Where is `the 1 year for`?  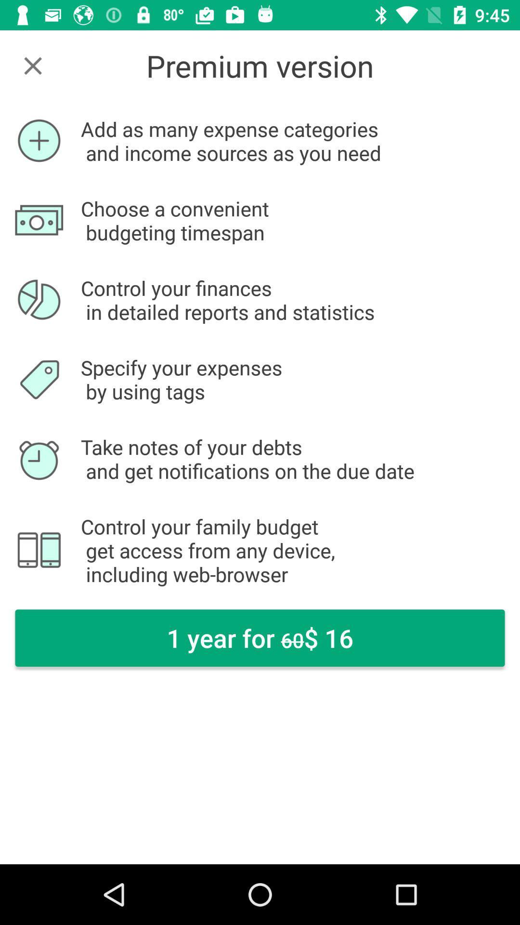 the 1 year for is located at coordinates (260, 638).